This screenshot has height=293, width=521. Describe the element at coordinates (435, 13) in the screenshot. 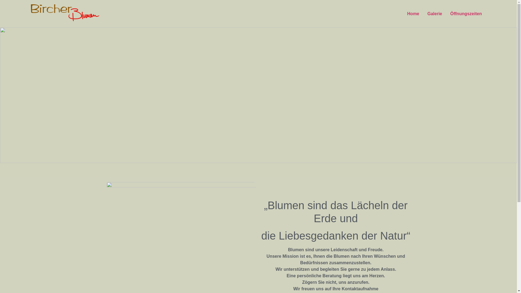

I see `'Galerie'` at that location.